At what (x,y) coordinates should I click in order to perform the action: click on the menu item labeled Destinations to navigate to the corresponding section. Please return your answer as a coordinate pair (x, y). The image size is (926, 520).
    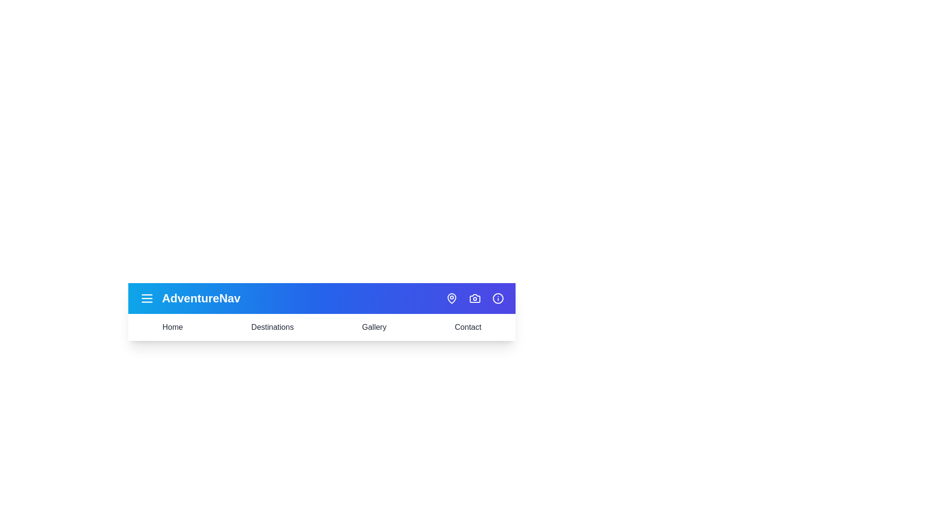
    Looking at the image, I should click on (272, 326).